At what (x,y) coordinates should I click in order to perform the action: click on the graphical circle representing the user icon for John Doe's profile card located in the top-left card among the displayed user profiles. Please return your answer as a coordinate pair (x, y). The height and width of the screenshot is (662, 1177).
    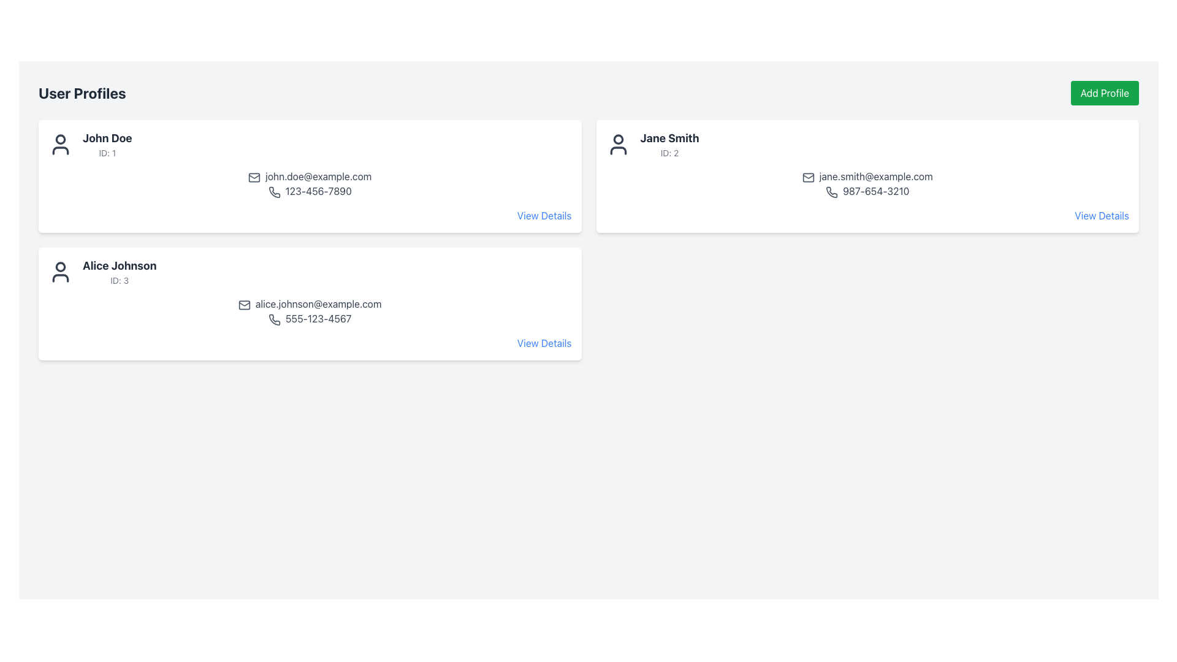
    Looking at the image, I should click on (60, 139).